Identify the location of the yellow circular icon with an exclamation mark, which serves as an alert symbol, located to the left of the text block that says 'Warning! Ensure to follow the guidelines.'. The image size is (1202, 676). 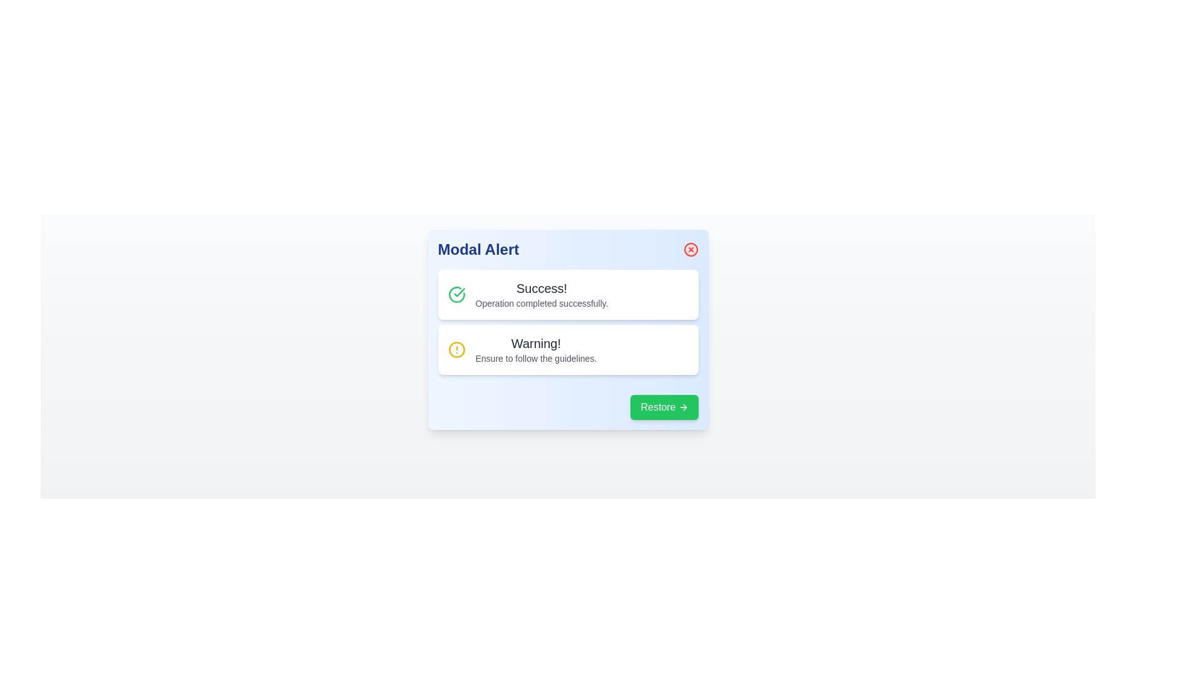
(456, 350).